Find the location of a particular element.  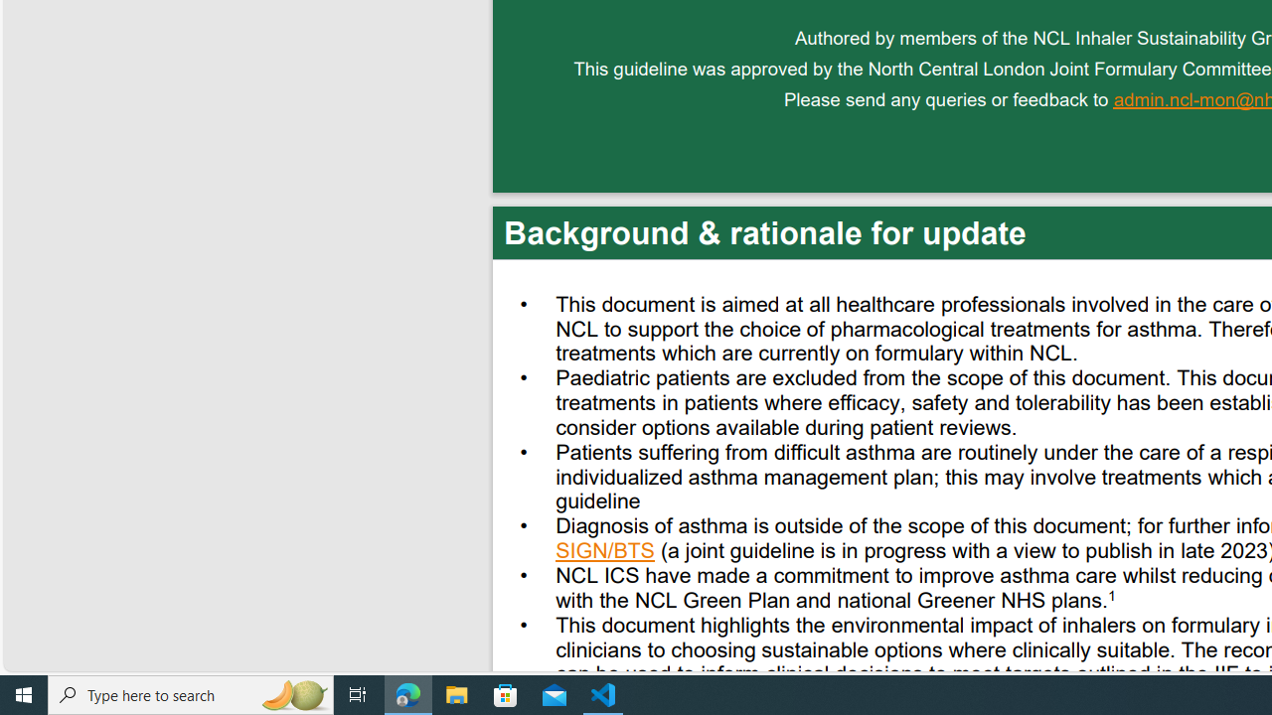

'SIGN/BTS' is located at coordinates (604, 553).